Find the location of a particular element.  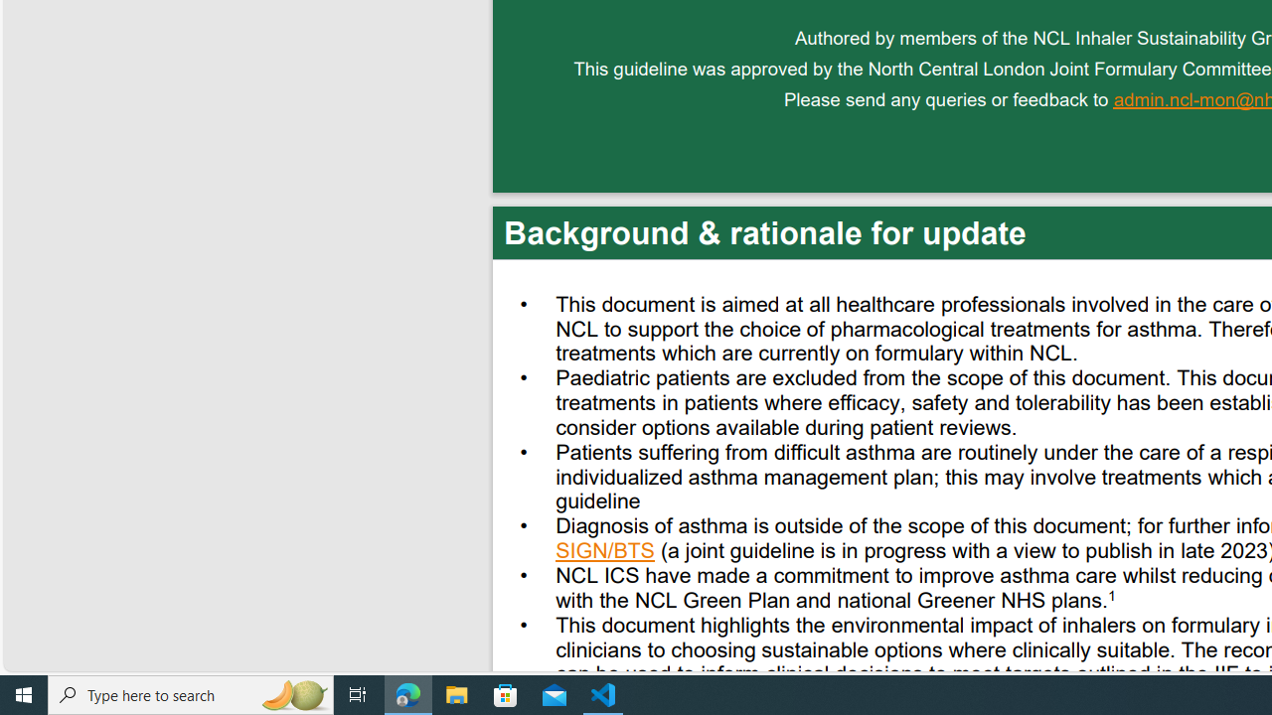

'SIGN/BTS' is located at coordinates (604, 553).